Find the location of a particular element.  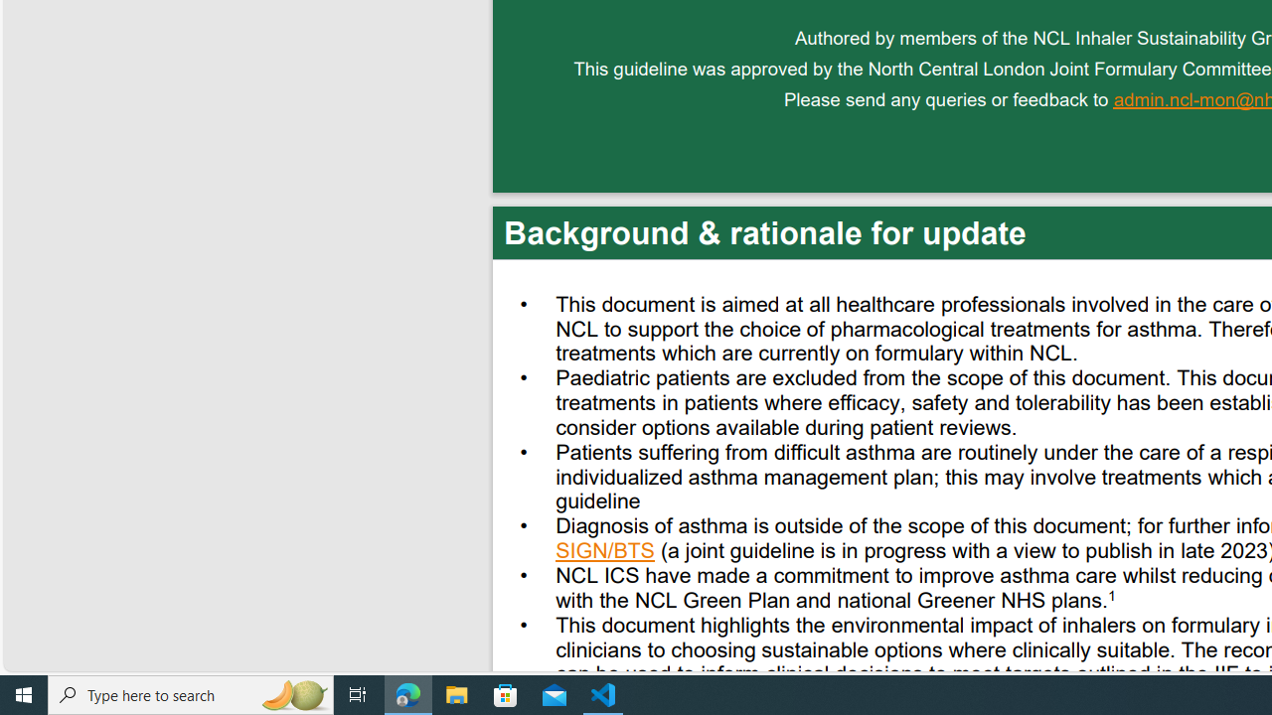

'SIGN/BTS' is located at coordinates (604, 553).